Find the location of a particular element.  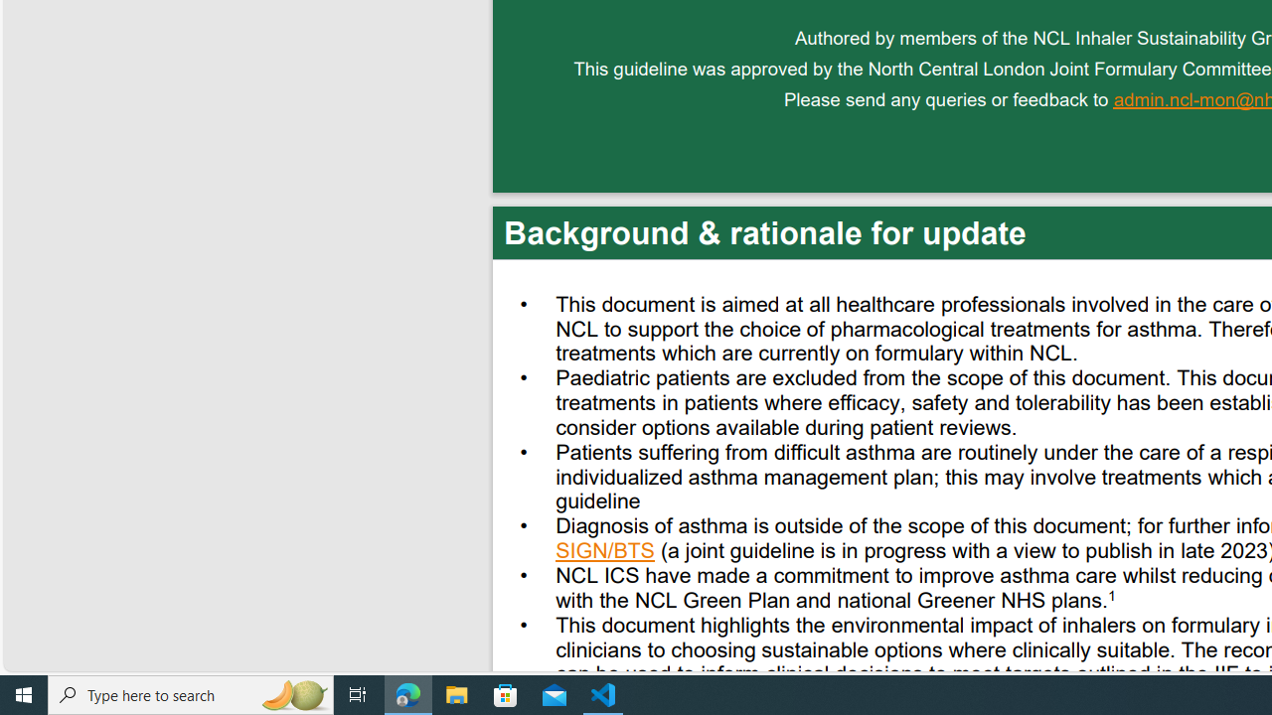

'SIGN/BTS' is located at coordinates (604, 553).